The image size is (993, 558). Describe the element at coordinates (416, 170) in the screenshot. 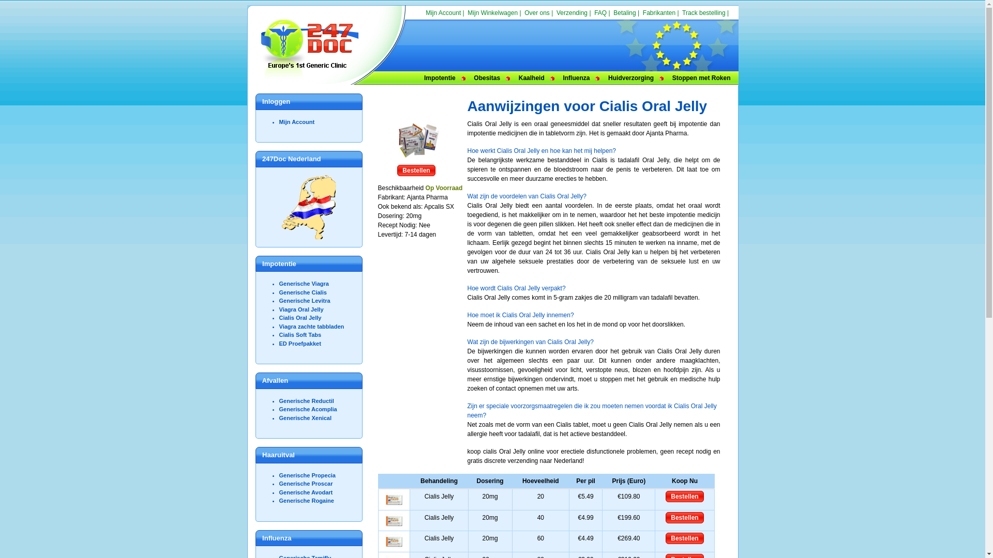

I see `'Bestellen'` at that location.